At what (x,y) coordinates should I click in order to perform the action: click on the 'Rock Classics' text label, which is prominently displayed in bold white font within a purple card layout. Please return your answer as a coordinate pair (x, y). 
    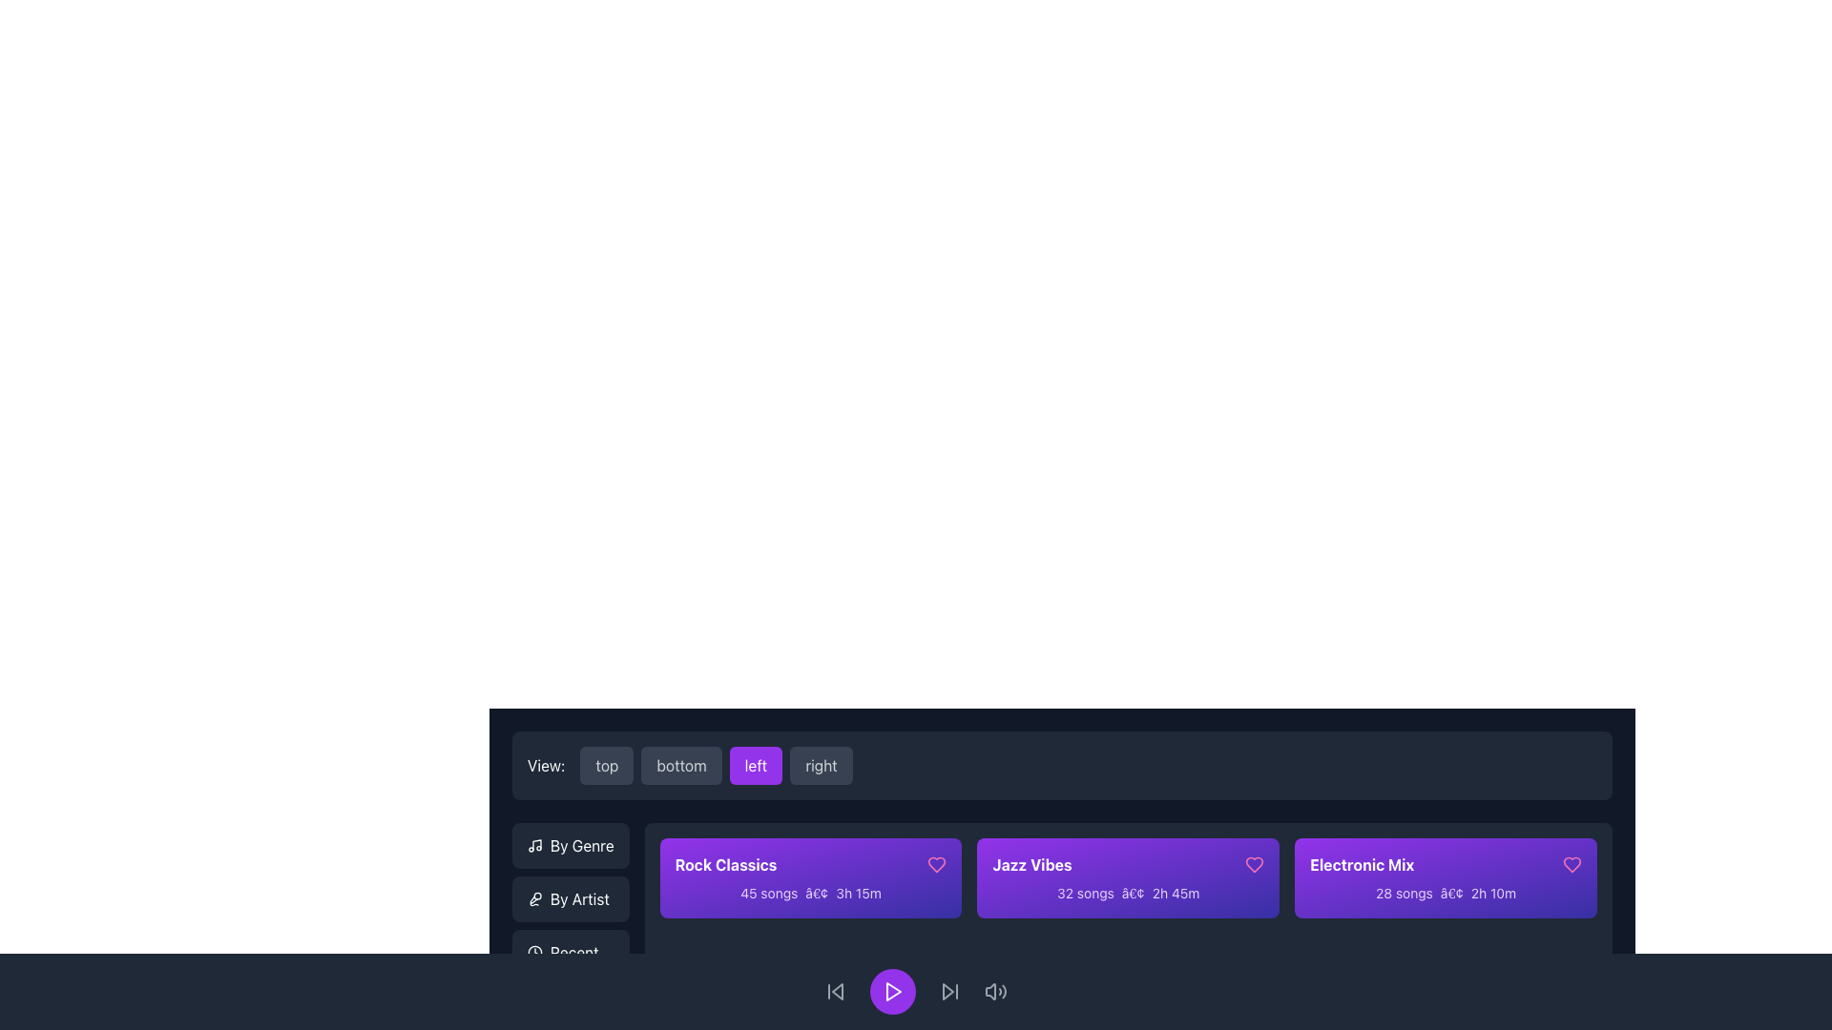
    Looking at the image, I should click on (725, 864).